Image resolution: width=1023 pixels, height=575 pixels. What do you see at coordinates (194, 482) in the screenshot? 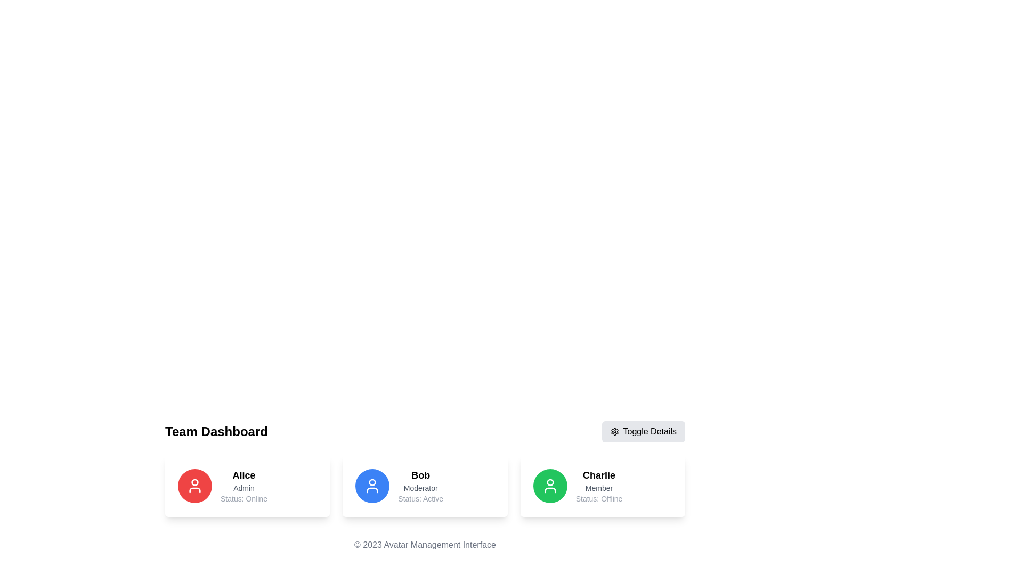
I see `the graphical decoration of the 'Alice' user avatar in the 'Team Dashboard', which is the first user card on the left side` at bounding box center [194, 482].